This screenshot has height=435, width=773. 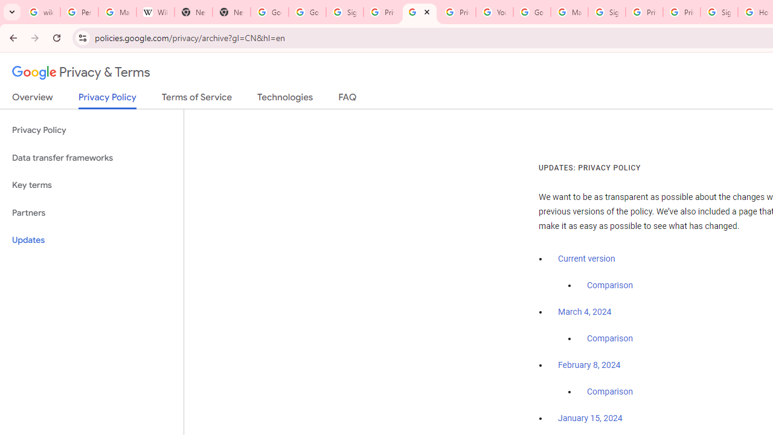 I want to click on 'Privacy & Terms', so click(x=81, y=72).